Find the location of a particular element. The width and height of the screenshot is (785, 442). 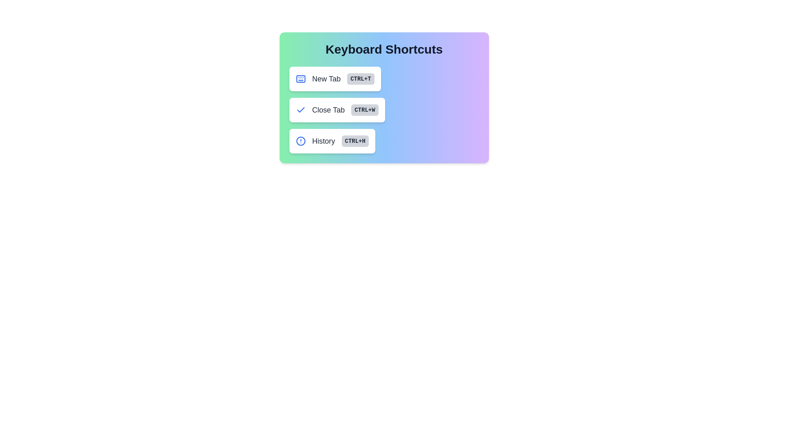

the third interactive button-like component under the 'Keyboard Shortcuts' category is located at coordinates (332, 140).